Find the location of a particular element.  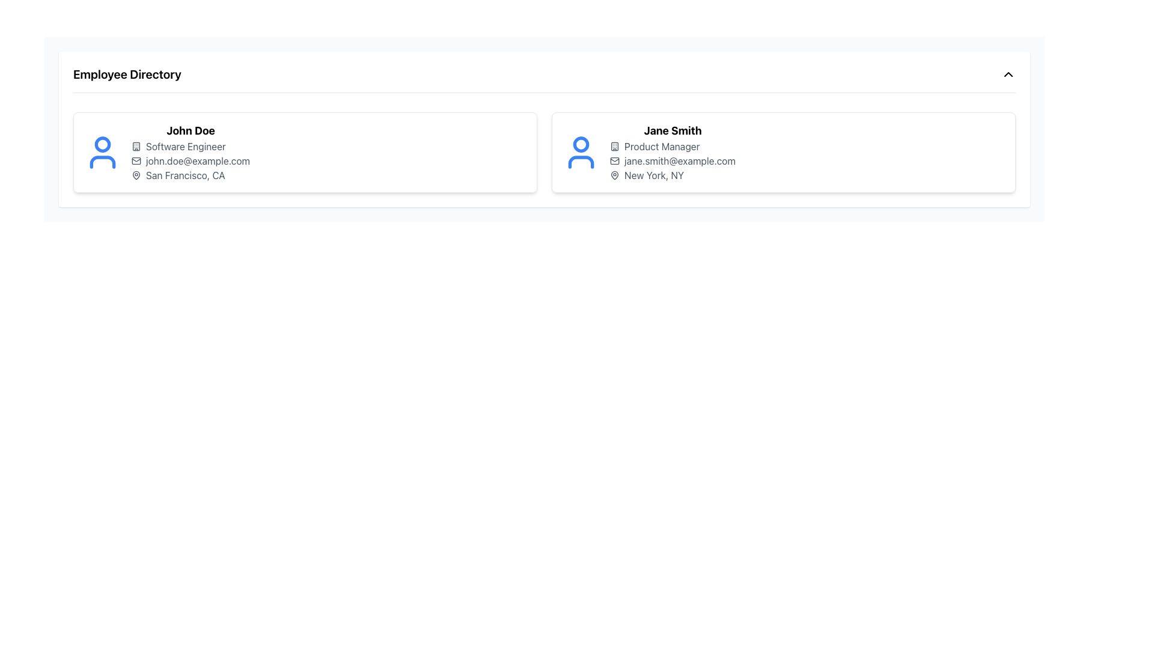

the Icon Decoration, which is a curved line segment forming the lower part of the user icon for 'John Doe' in the employee directory card is located at coordinates (103, 162).